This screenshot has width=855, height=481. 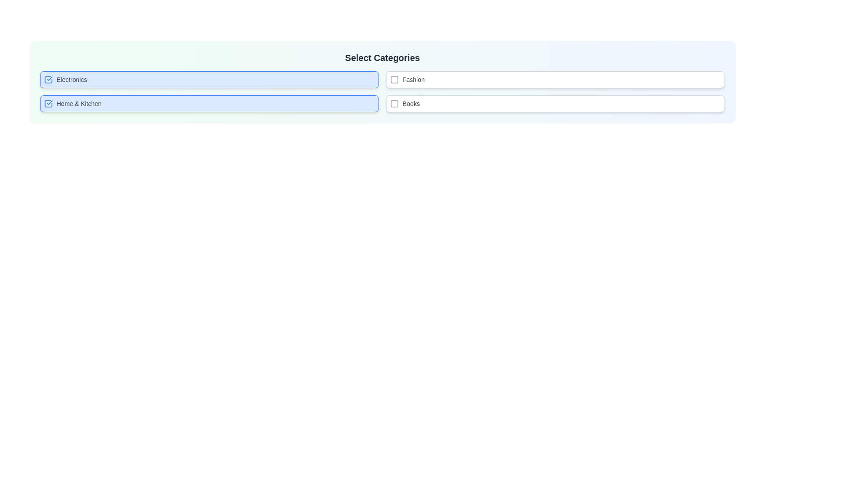 What do you see at coordinates (79, 103) in the screenshot?
I see `the text label saying 'Home & Kitchen', which is styled with a small and medium font weight, gray color, and located within a blue highlighted button area, positioned beneath 'Electronics'` at bounding box center [79, 103].